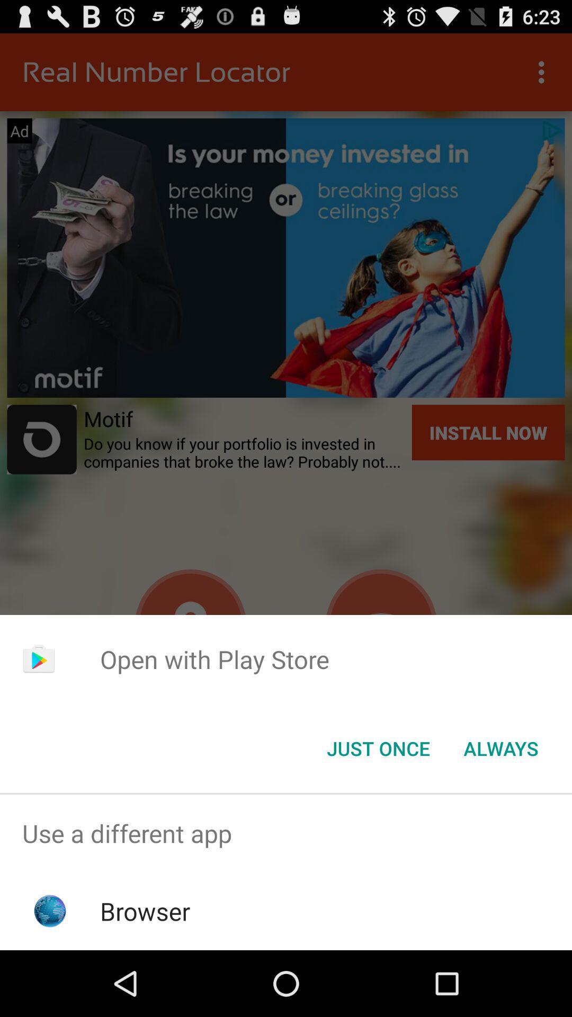  What do you see at coordinates (501, 747) in the screenshot?
I see `item below the open with play item` at bounding box center [501, 747].